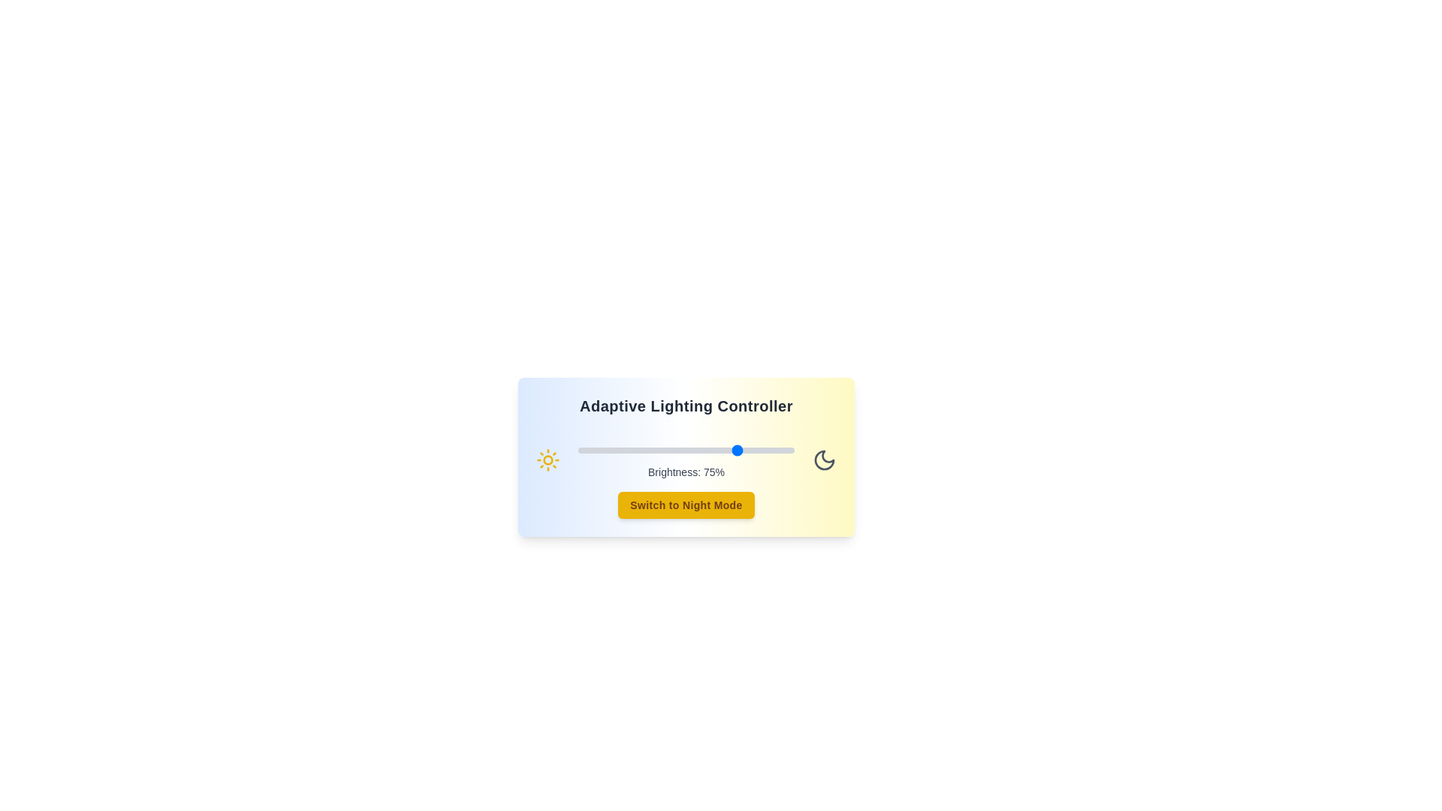  What do you see at coordinates (643, 450) in the screenshot?
I see `the brightness level` at bounding box center [643, 450].